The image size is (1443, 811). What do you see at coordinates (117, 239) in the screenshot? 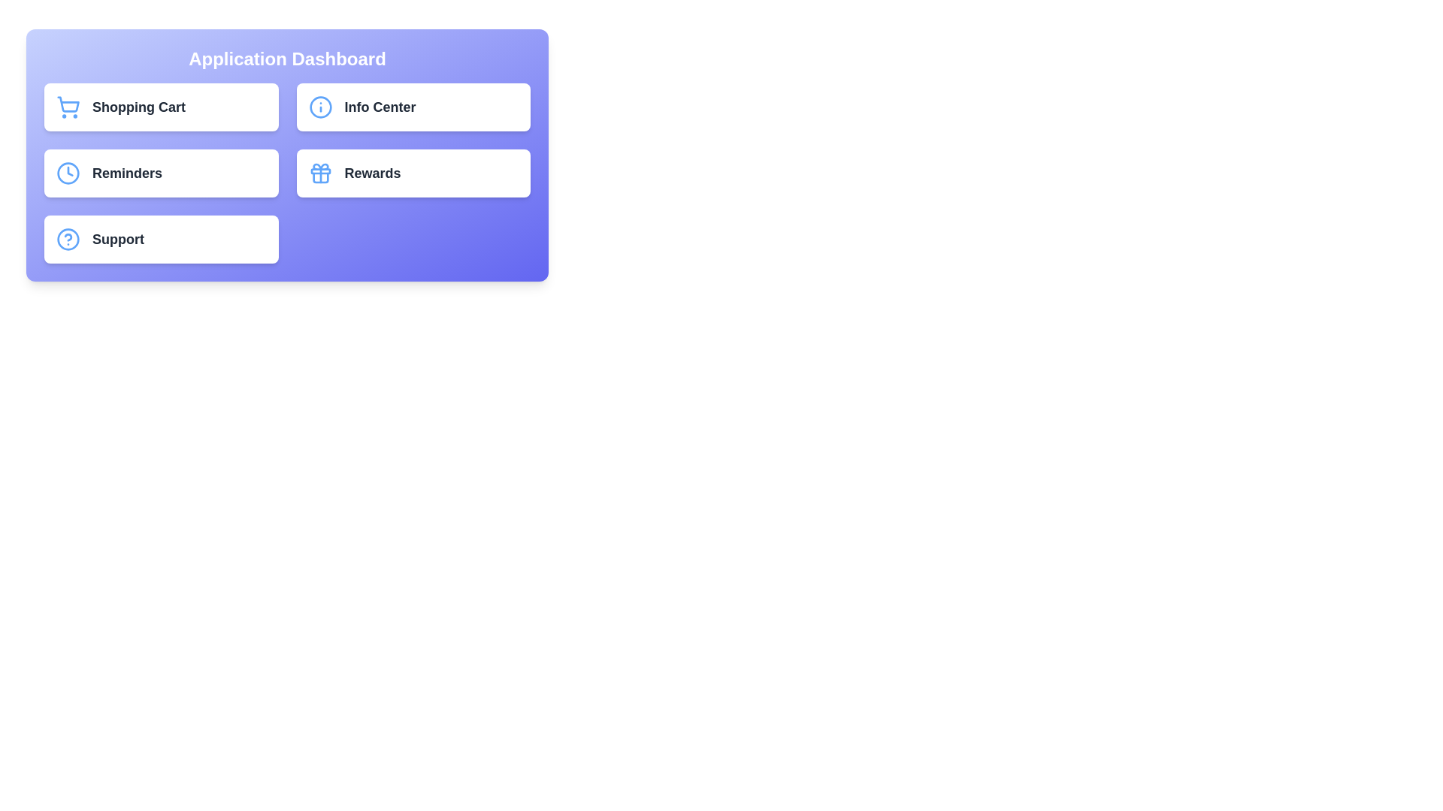
I see `the 'Support' text label located in the bottom-left card of the grid layout, which provides contextual information about the card` at bounding box center [117, 239].